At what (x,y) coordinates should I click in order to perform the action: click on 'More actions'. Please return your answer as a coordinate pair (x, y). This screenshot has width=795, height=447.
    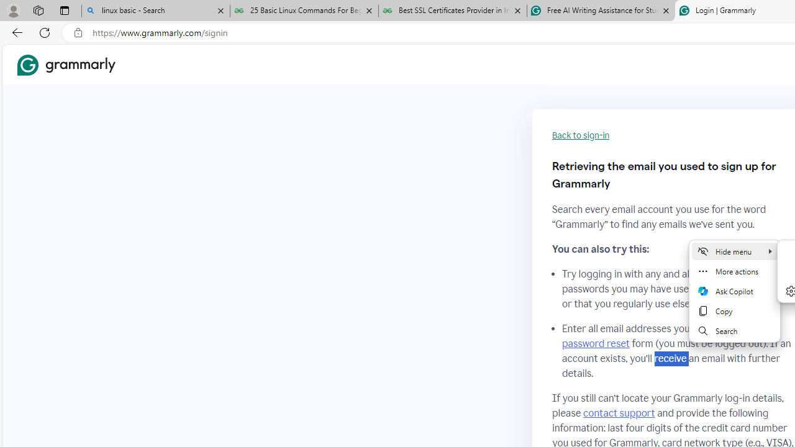
    Looking at the image, I should click on (734, 271).